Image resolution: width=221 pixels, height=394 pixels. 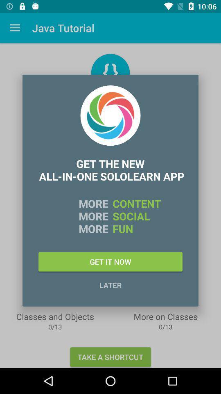 I want to click on icon below more, so click(x=110, y=261).